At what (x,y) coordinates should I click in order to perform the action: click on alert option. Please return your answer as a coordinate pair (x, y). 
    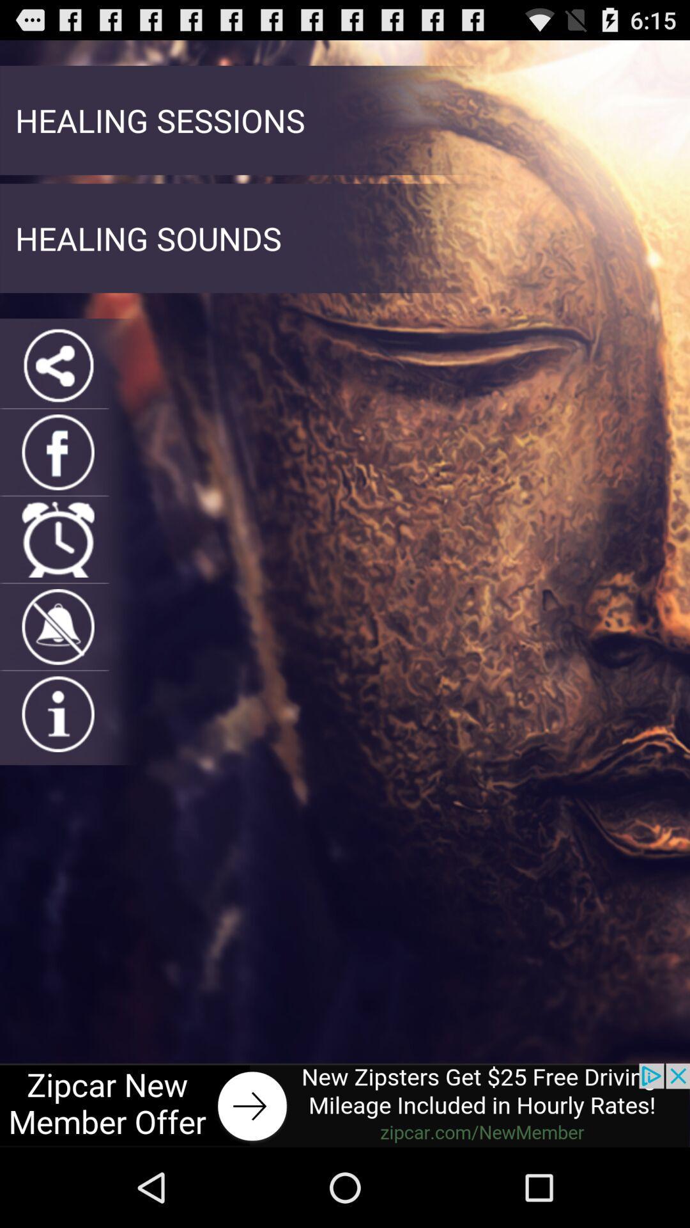
    Looking at the image, I should click on (58, 627).